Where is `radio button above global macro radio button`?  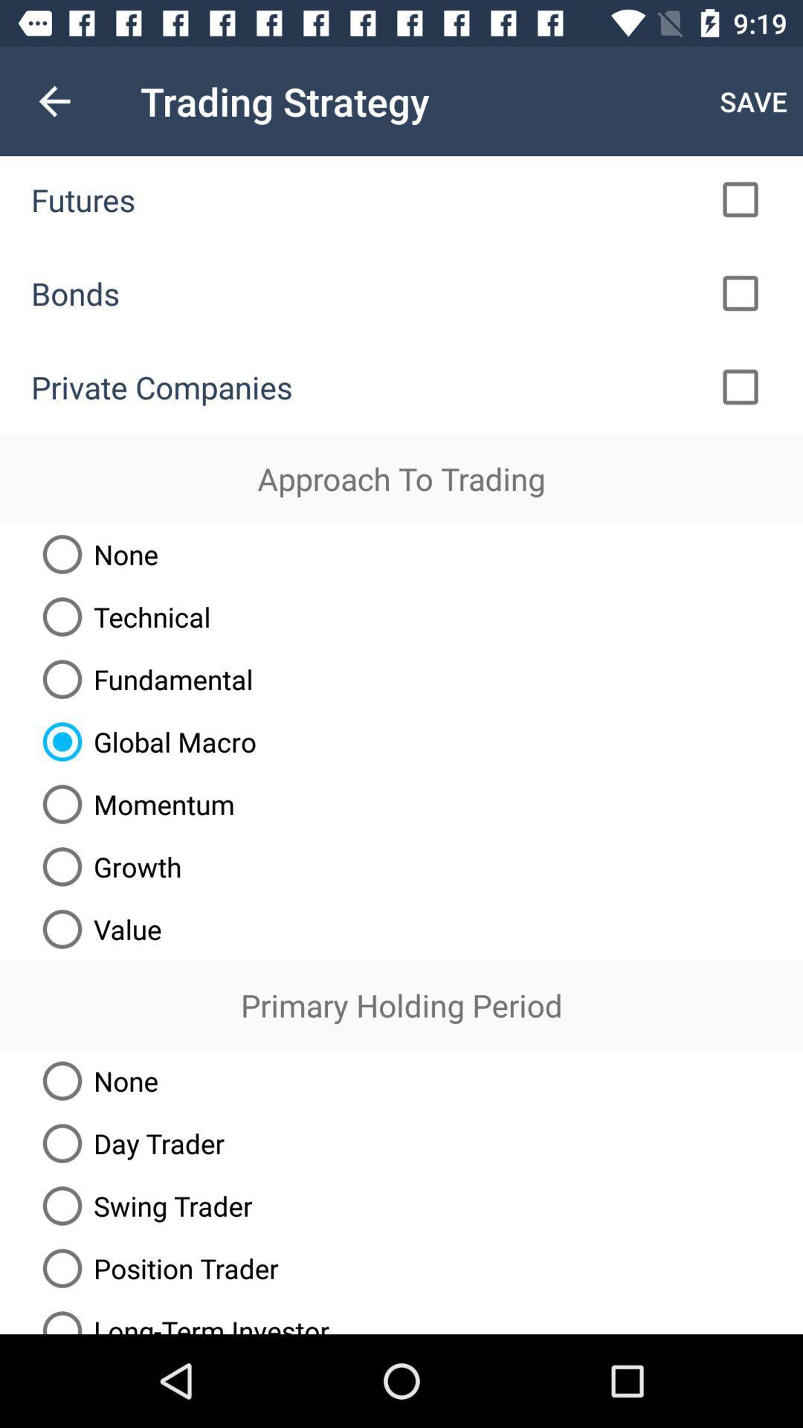
radio button above global macro radio button is located at coordinates (142, 678).